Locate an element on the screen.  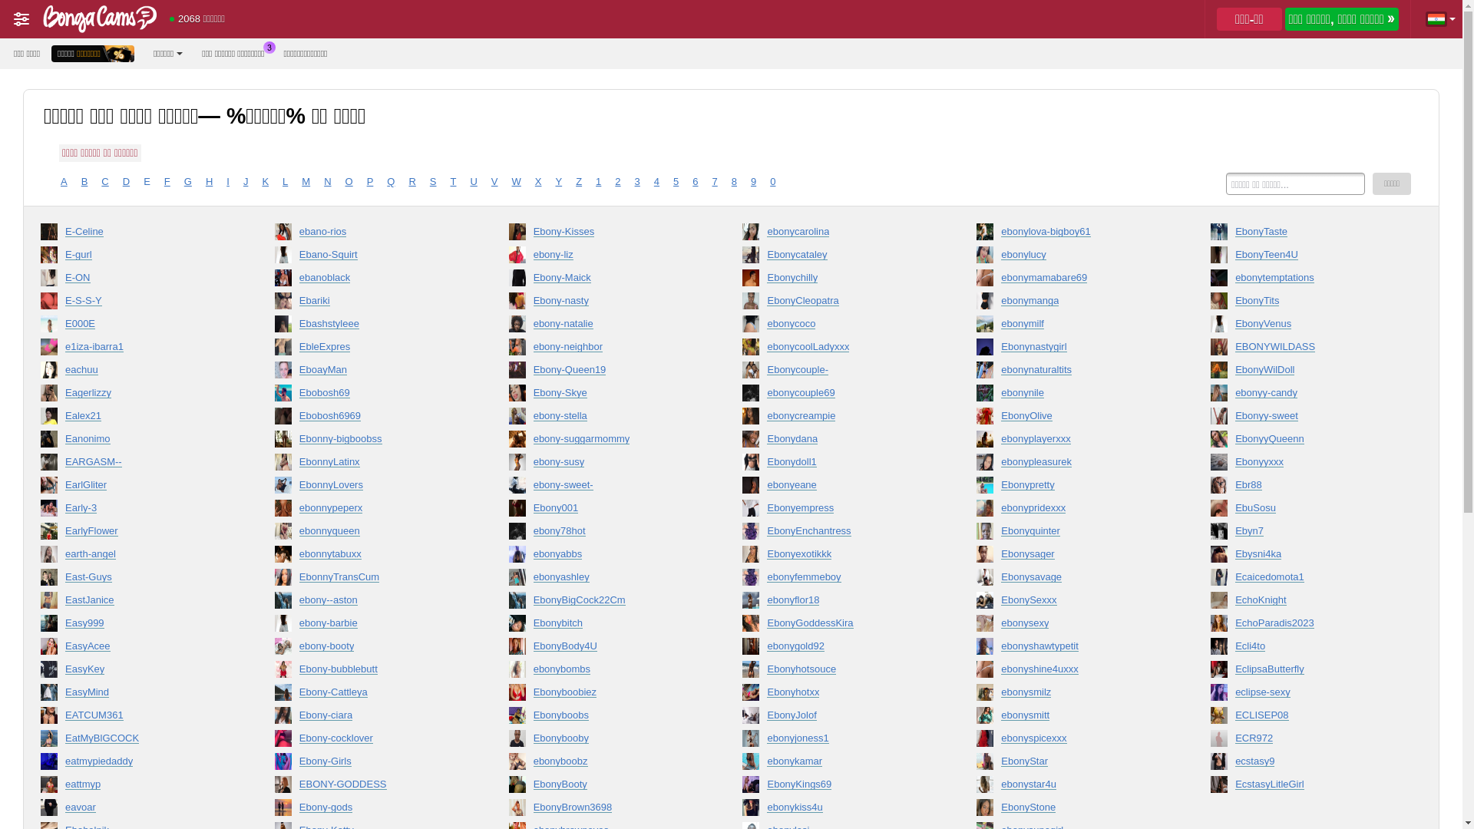
'K' is located at coordinates (265, 180).